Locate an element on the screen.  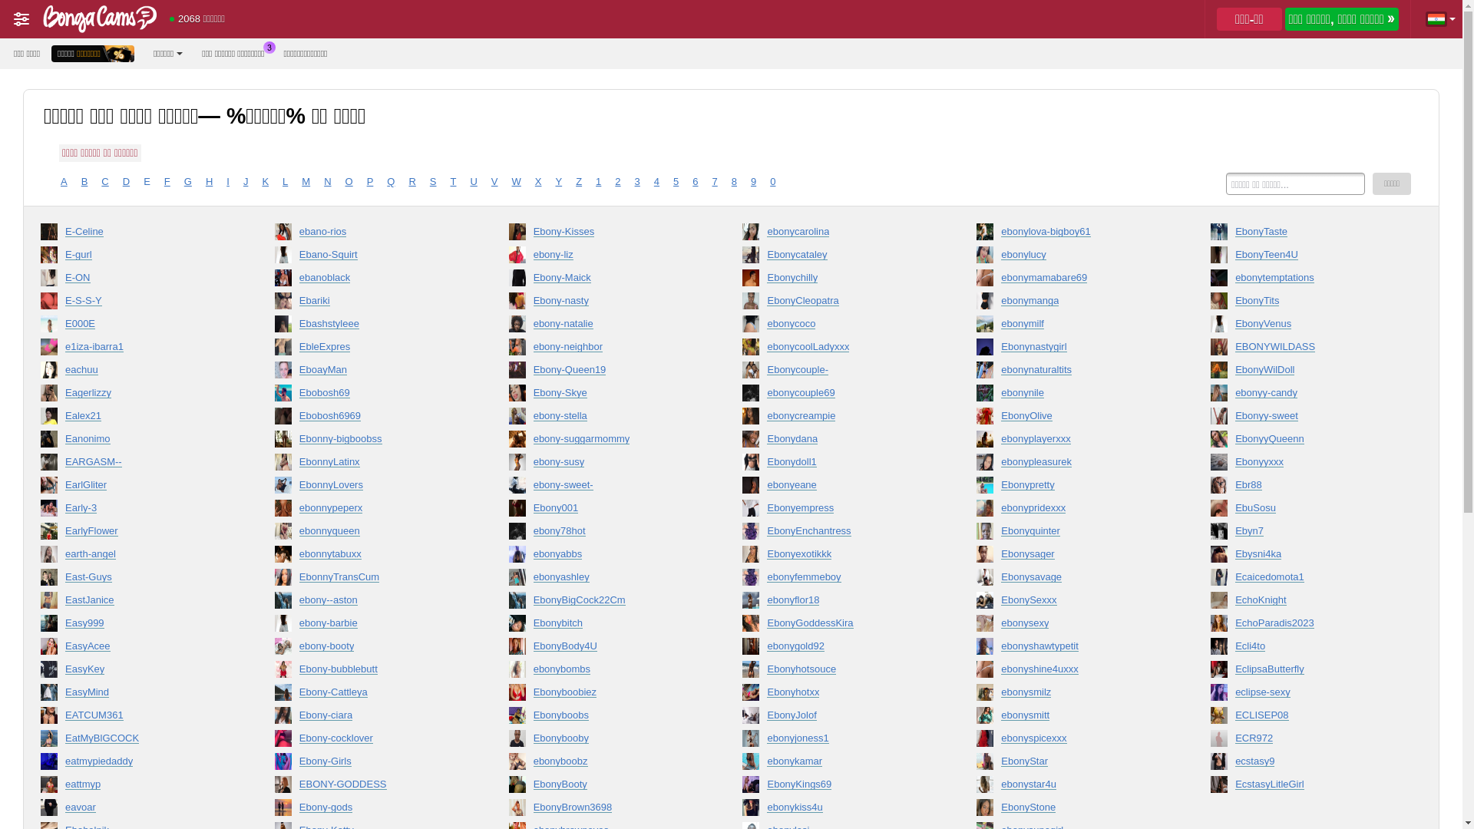
'K' is located at coordinates (265, 180).